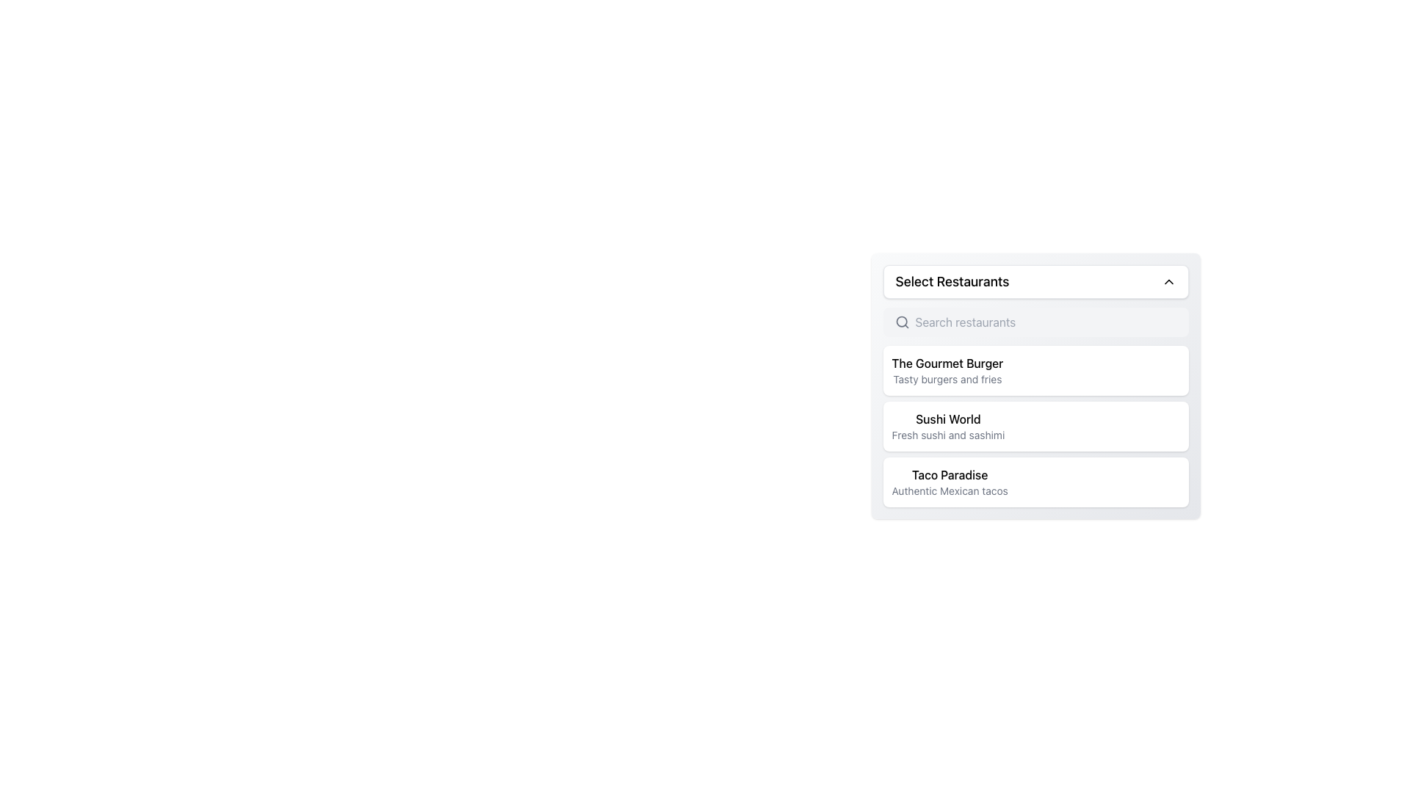  Describe the element at coordinates (1035, 427) in the screenshot. I see `the second list item titled 'Sushi World'` at that location.